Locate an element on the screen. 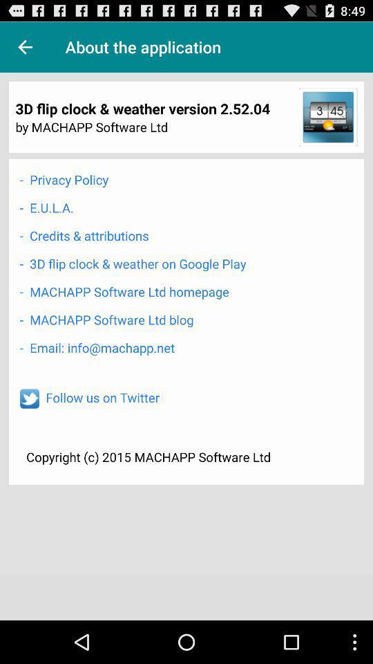 The image size is (373, 664). item above the -  credits & attributions item is located at coordinates (46, 207).